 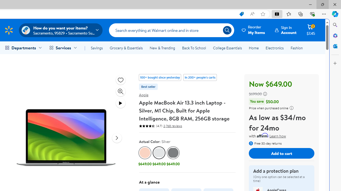 I want to click on 'Back To School', so click(x=194, y=48).